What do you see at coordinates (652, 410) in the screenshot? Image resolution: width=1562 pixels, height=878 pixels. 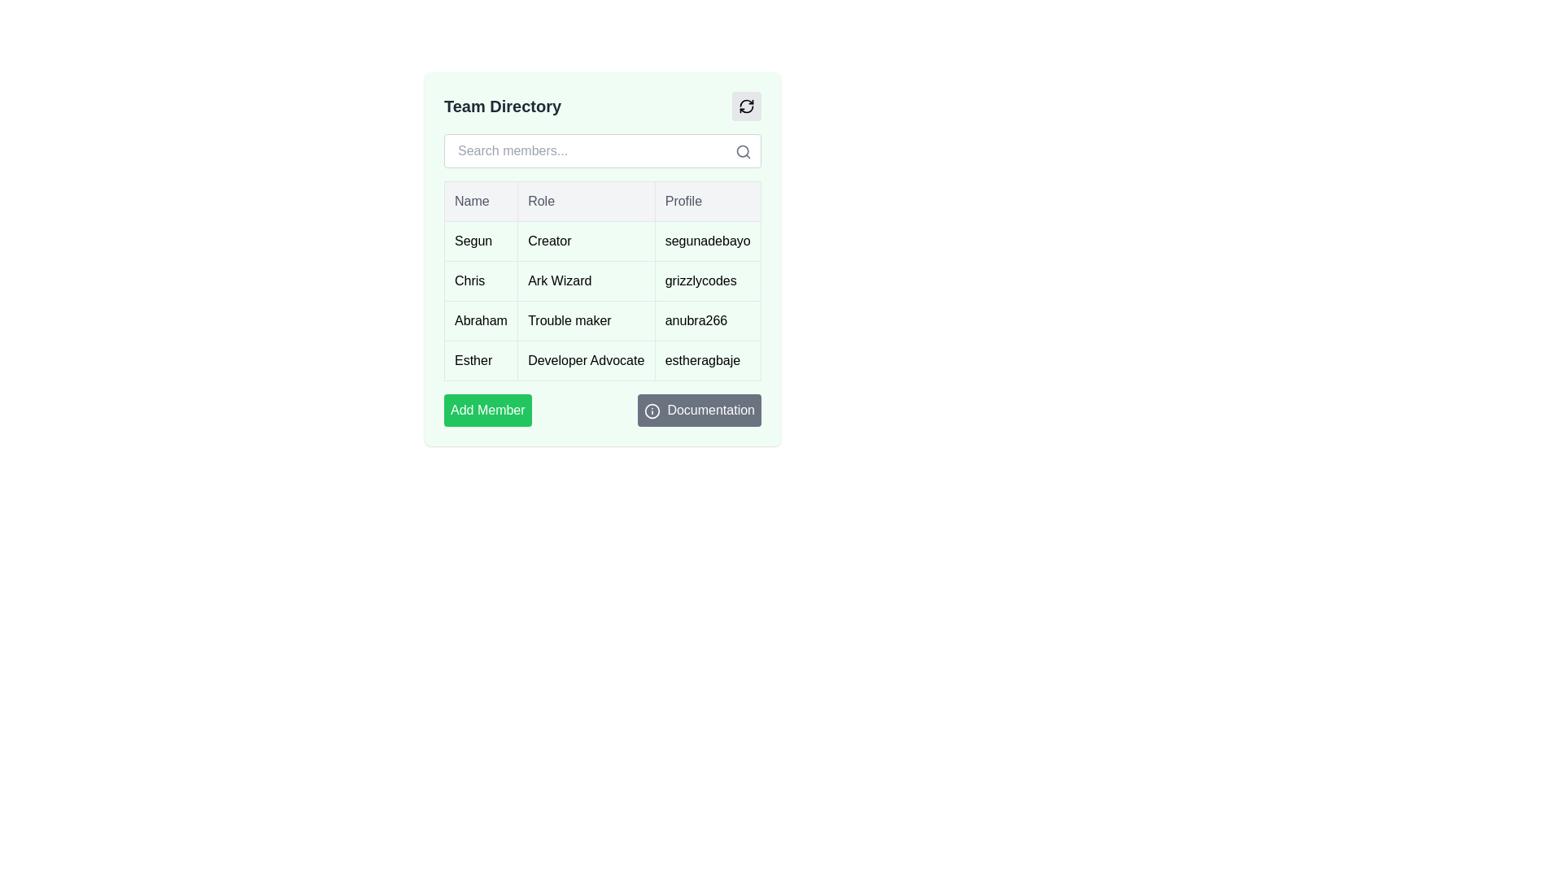 I see `the circular SVG element that is part of a composite icon, located in the bottom-right corner of the user interface card, next to the 'Documentation' button` at bounding box center [652, 410].